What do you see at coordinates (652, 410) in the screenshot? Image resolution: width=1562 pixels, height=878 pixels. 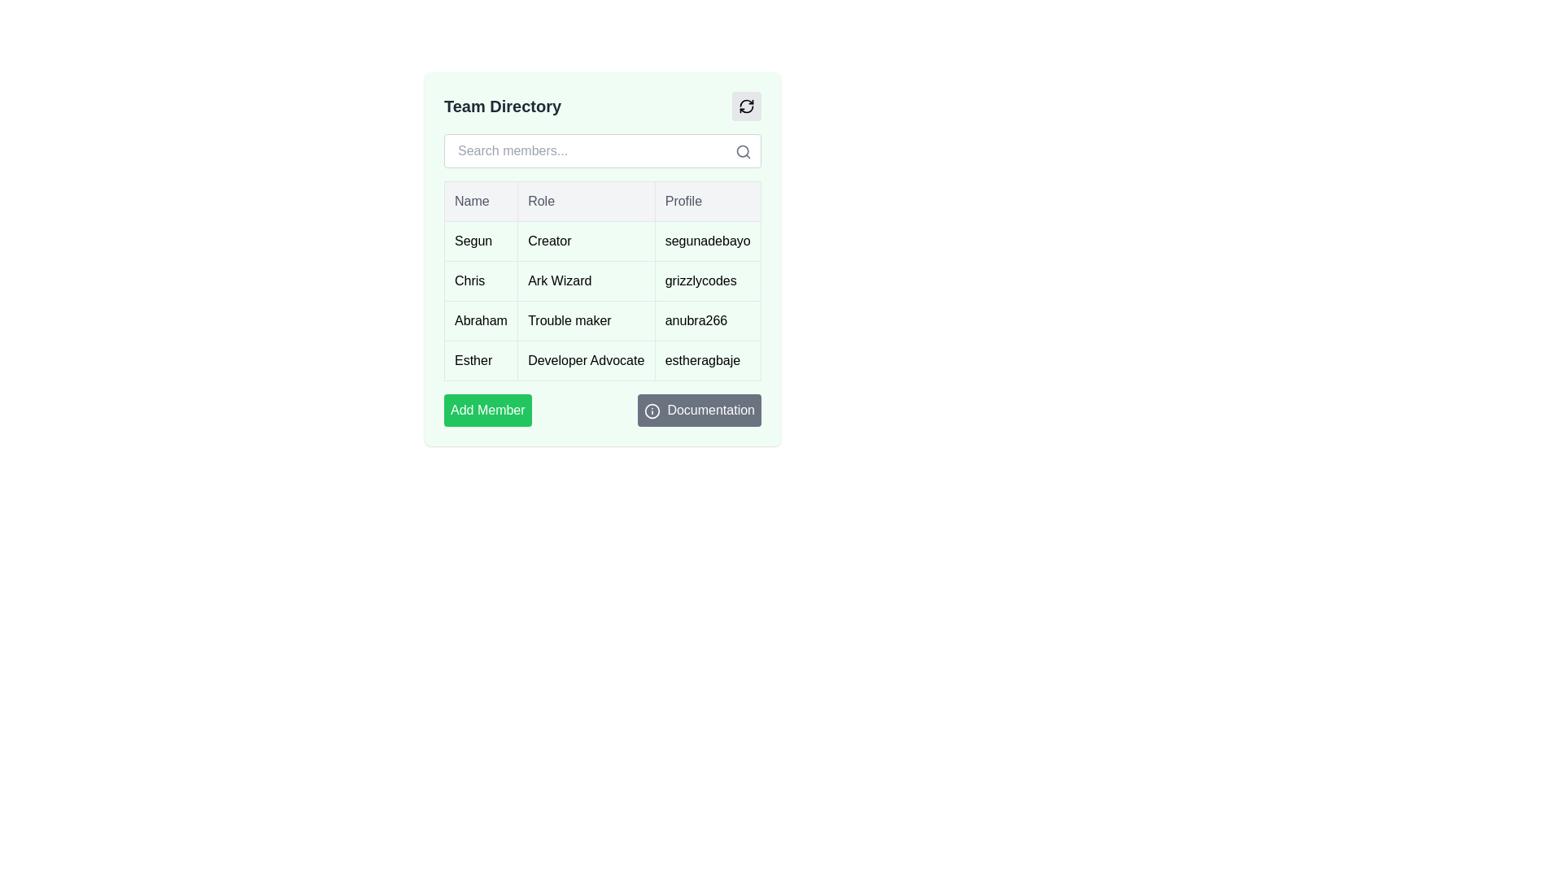 I see `the circular SVG element that is part of a composite icon, located in the bottom-right corner of the user interface card, next to the 'Documentation' button` at bounding box center [652, 410].